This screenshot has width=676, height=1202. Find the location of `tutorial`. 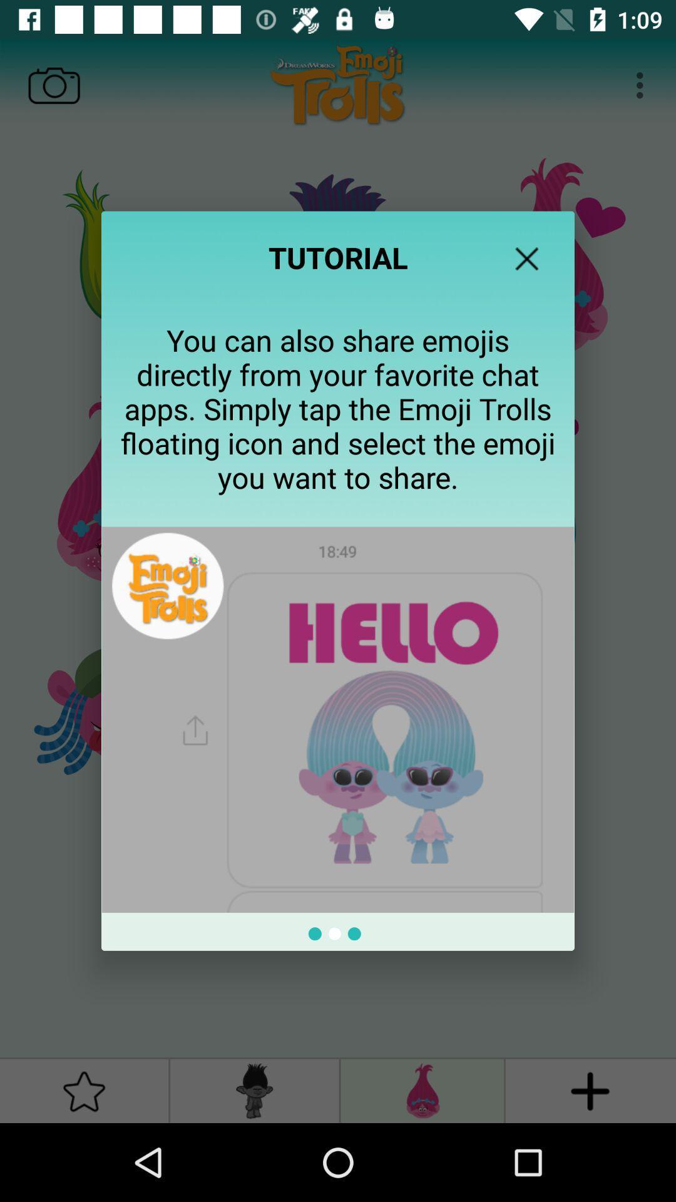

tutorial is located at coordinates (526, 258).